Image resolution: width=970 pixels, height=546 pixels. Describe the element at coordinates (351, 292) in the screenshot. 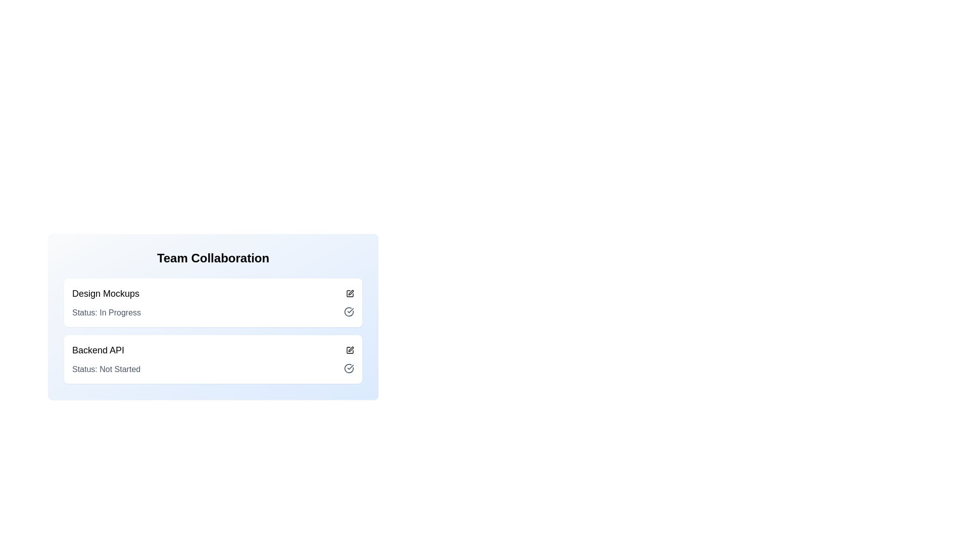

I see `the edit button located on the right-hand side of the 'Design Mockups' section` at that location.